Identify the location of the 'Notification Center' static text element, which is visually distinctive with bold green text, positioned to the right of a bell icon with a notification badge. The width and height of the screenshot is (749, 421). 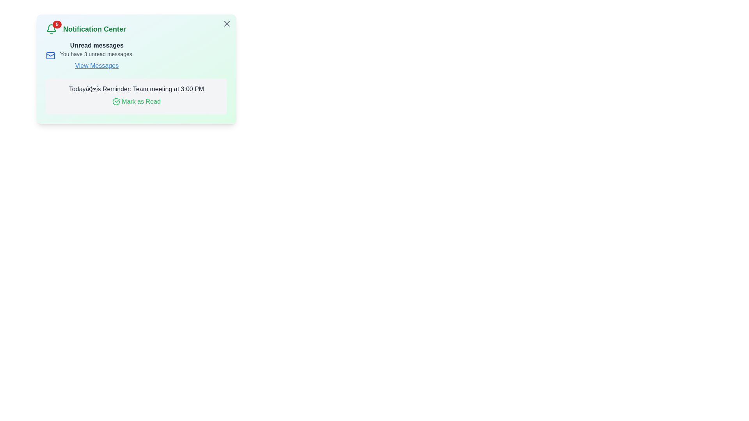
(94, 28).